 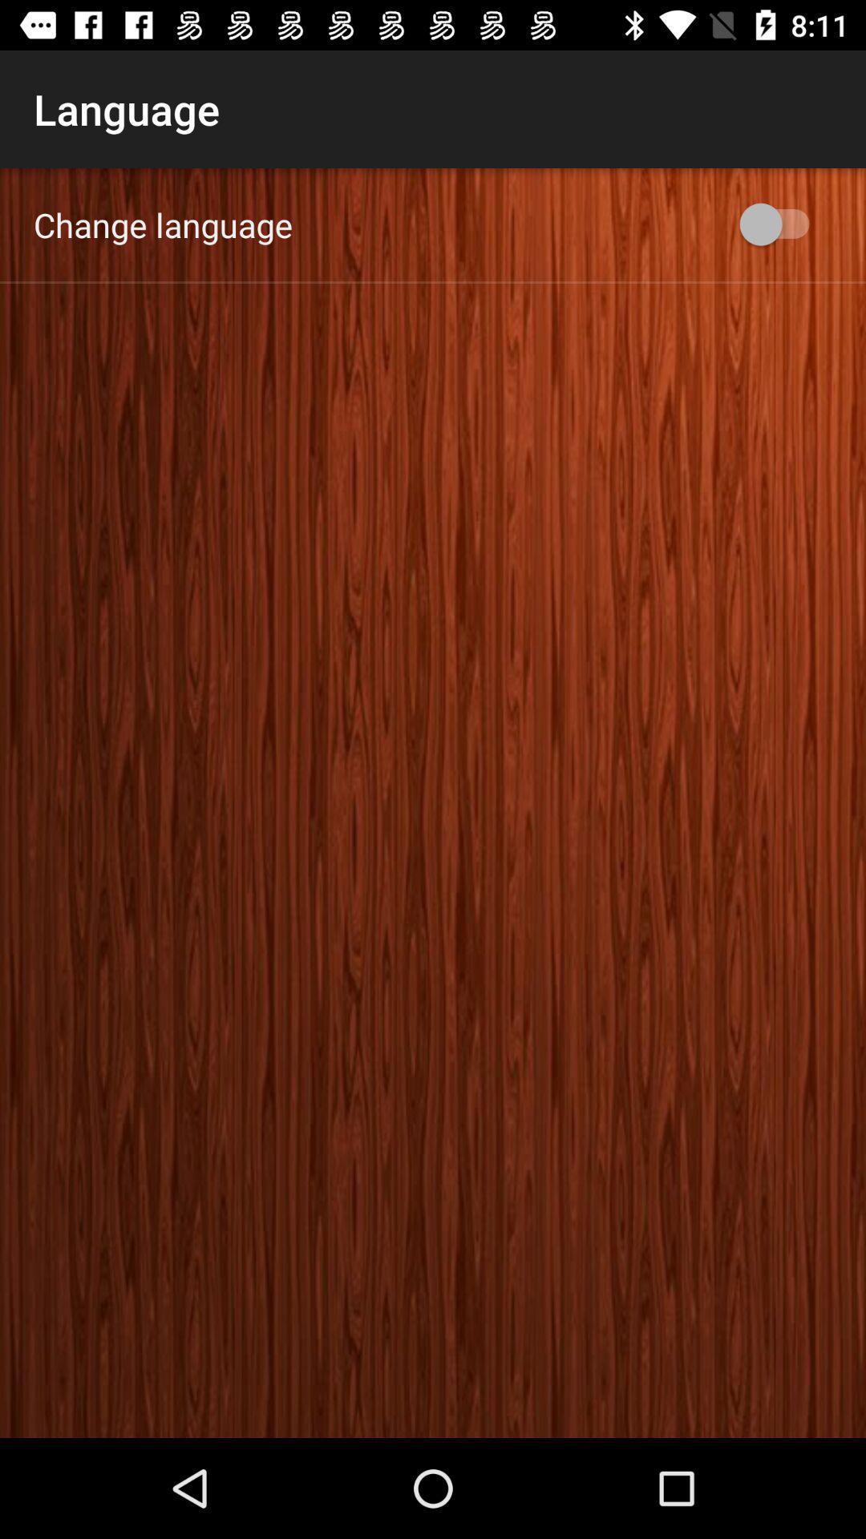 What do you see at coordinates (781, 224) in the screenshot?
I see `item at the top right corner` at bounding box center [781, 224].